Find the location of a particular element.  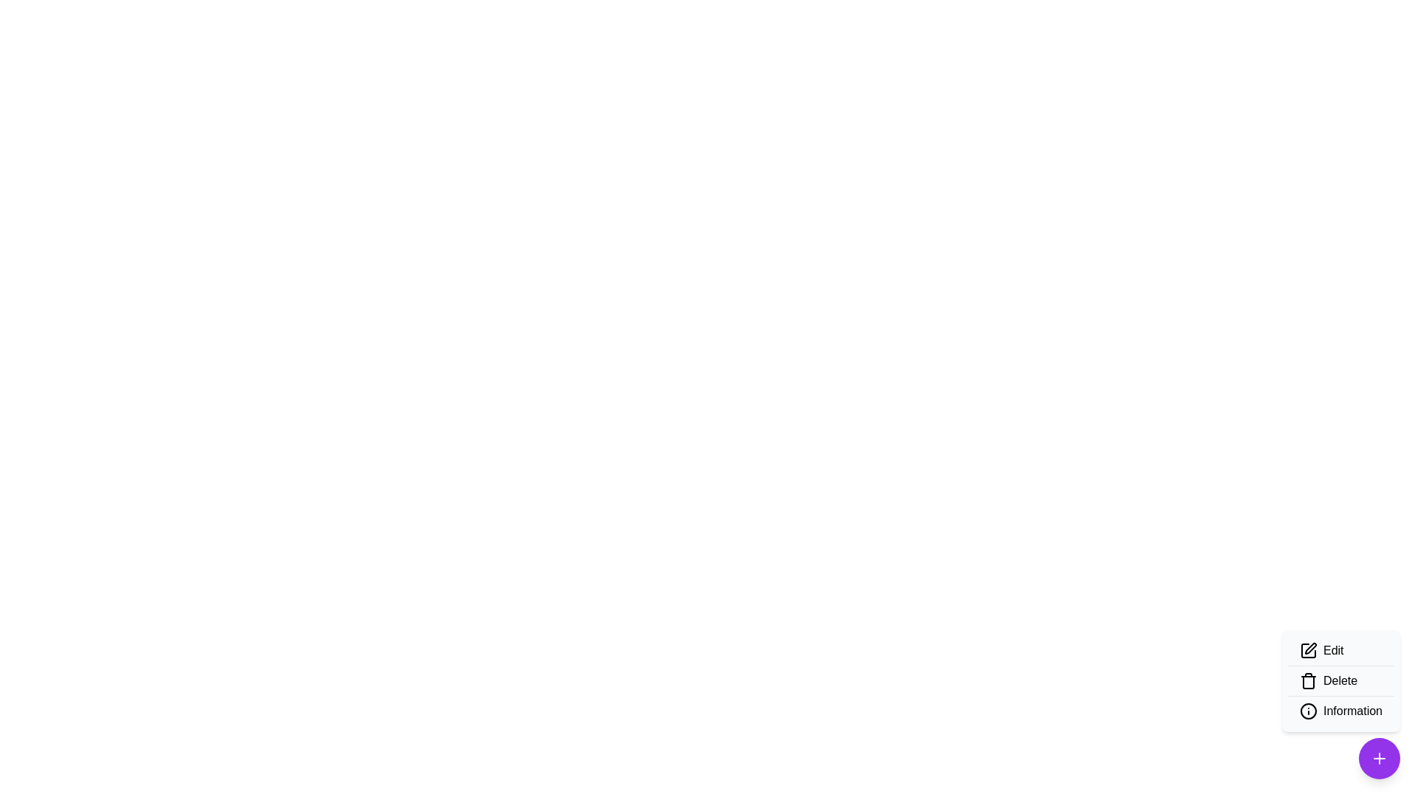

the 'Information' Text Label located in the bottom-right corner of the dropdown menu, positioned beside an information icon is located at coordinates (1353, 711).